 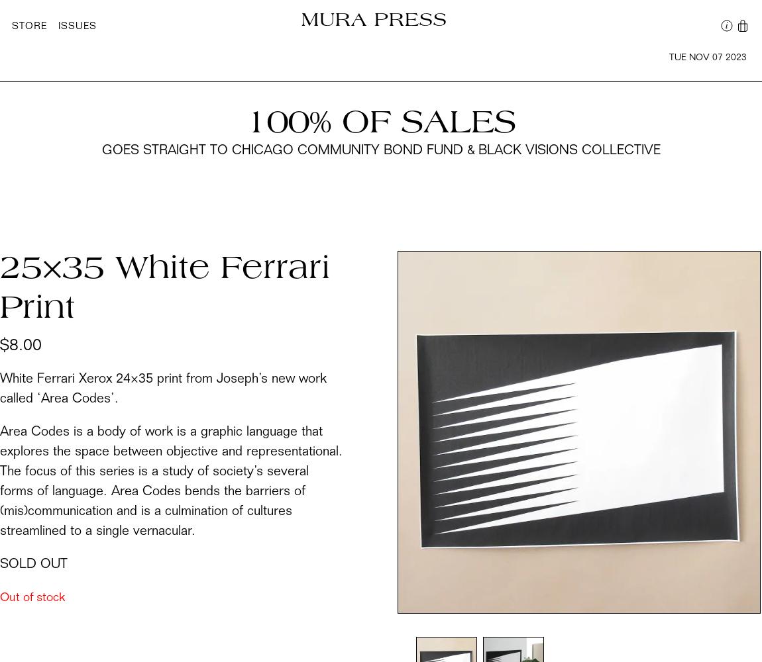 What do you see at coordinates (381, 124) in the screenshot?
I see `'100% OF SALES'` at bounding box center [381, 124].